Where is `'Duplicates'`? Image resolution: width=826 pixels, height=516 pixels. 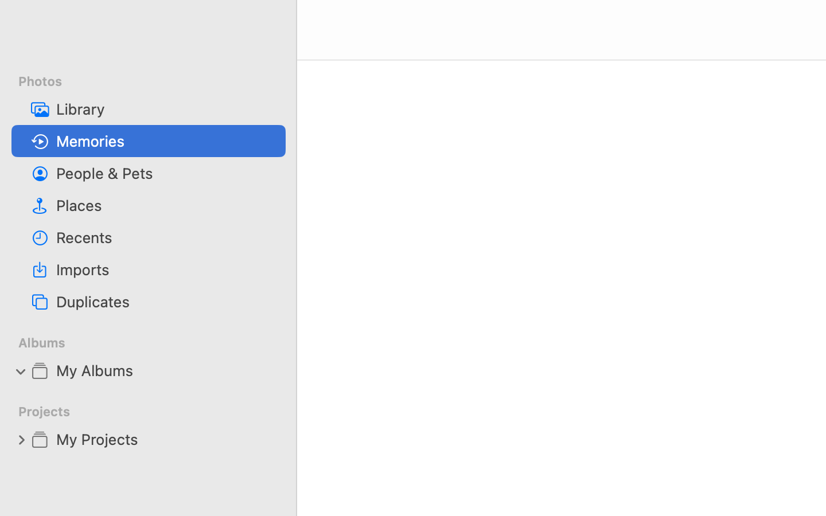 'Duplicates' is located at coordinates (166, 300).